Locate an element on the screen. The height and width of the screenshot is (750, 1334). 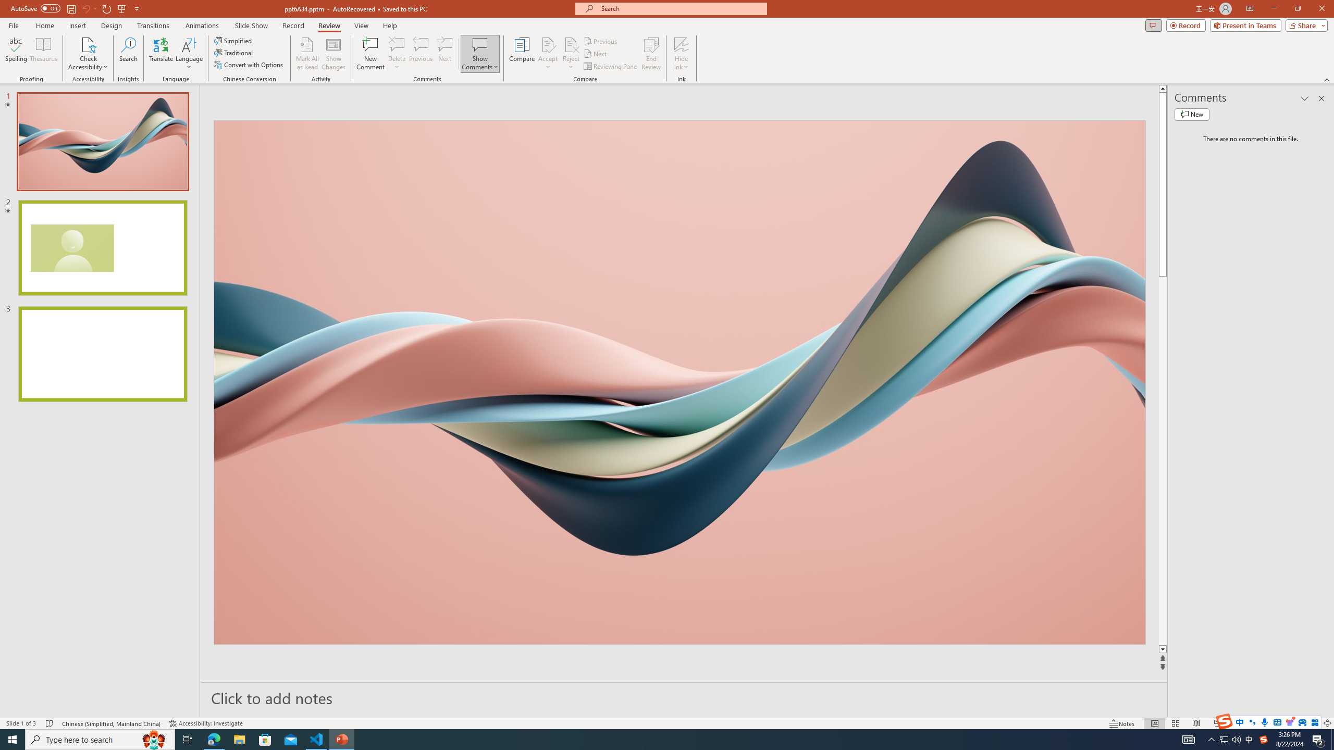
'Language' is located at coordinates (189, 54).